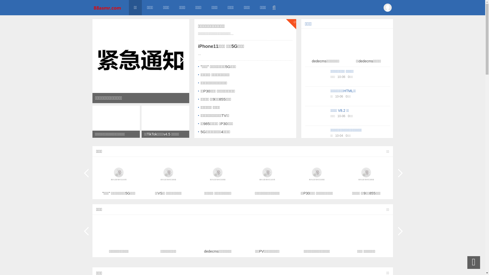  Describe the element at coordinates (198, 54) in the screenshot. I see `'...'` at that location.